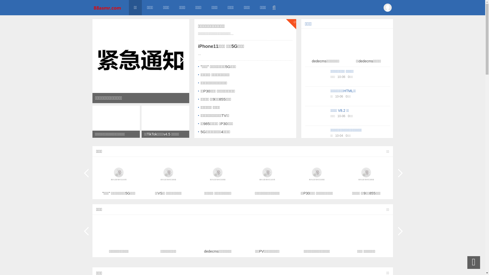  Describe the element at coordinates (198, 54) in the screenshot. I see `'...'` at that location.